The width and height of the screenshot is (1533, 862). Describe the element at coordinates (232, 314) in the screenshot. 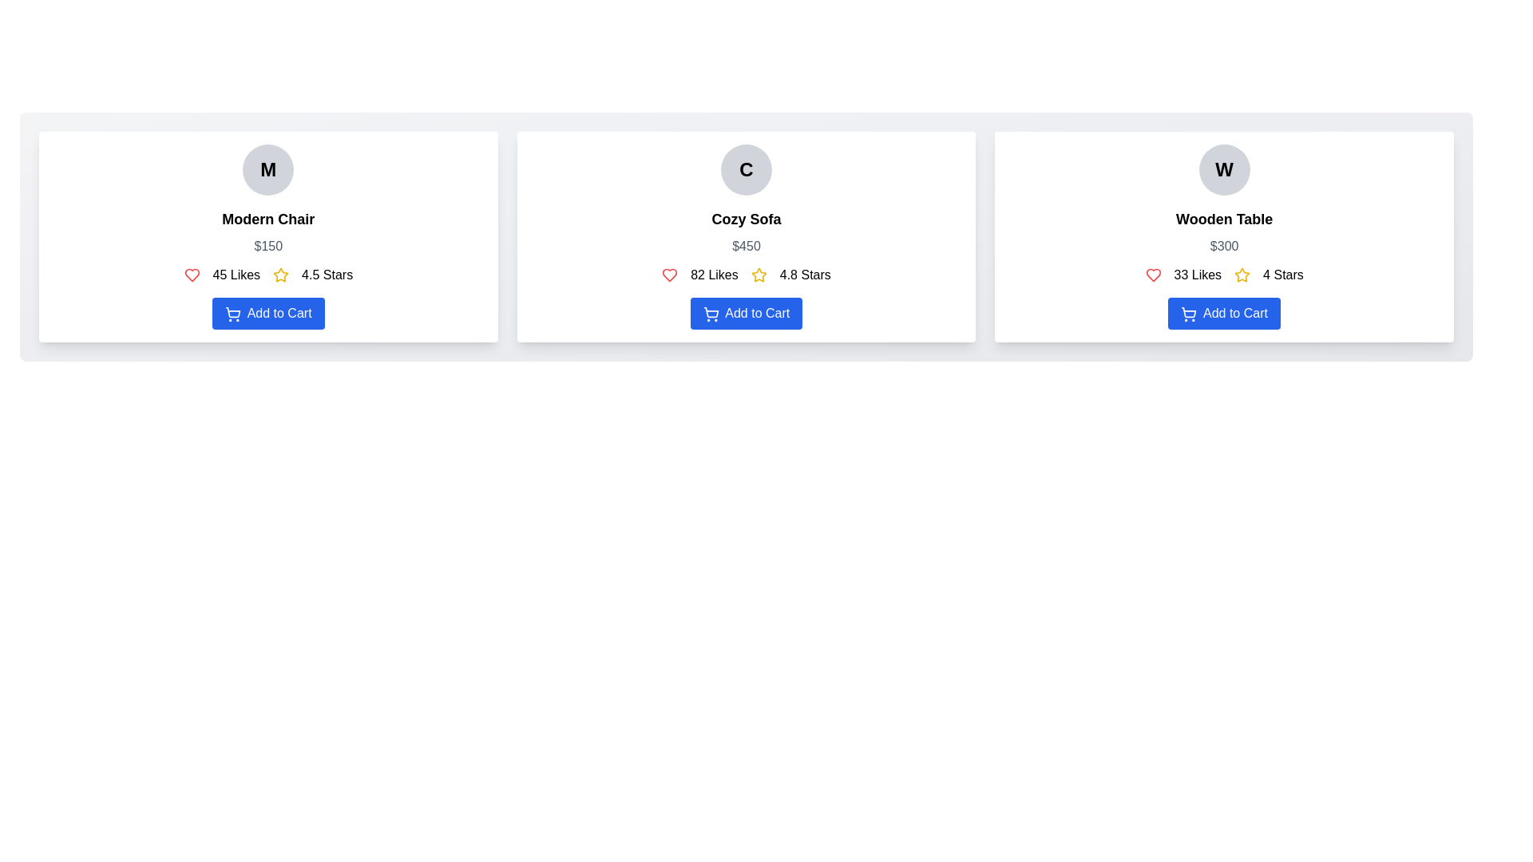

I see `the shopping cart icon within the 'Add to Cart' button, located centrally at the bottom of the first card in a horizontal list of cards` at that location.